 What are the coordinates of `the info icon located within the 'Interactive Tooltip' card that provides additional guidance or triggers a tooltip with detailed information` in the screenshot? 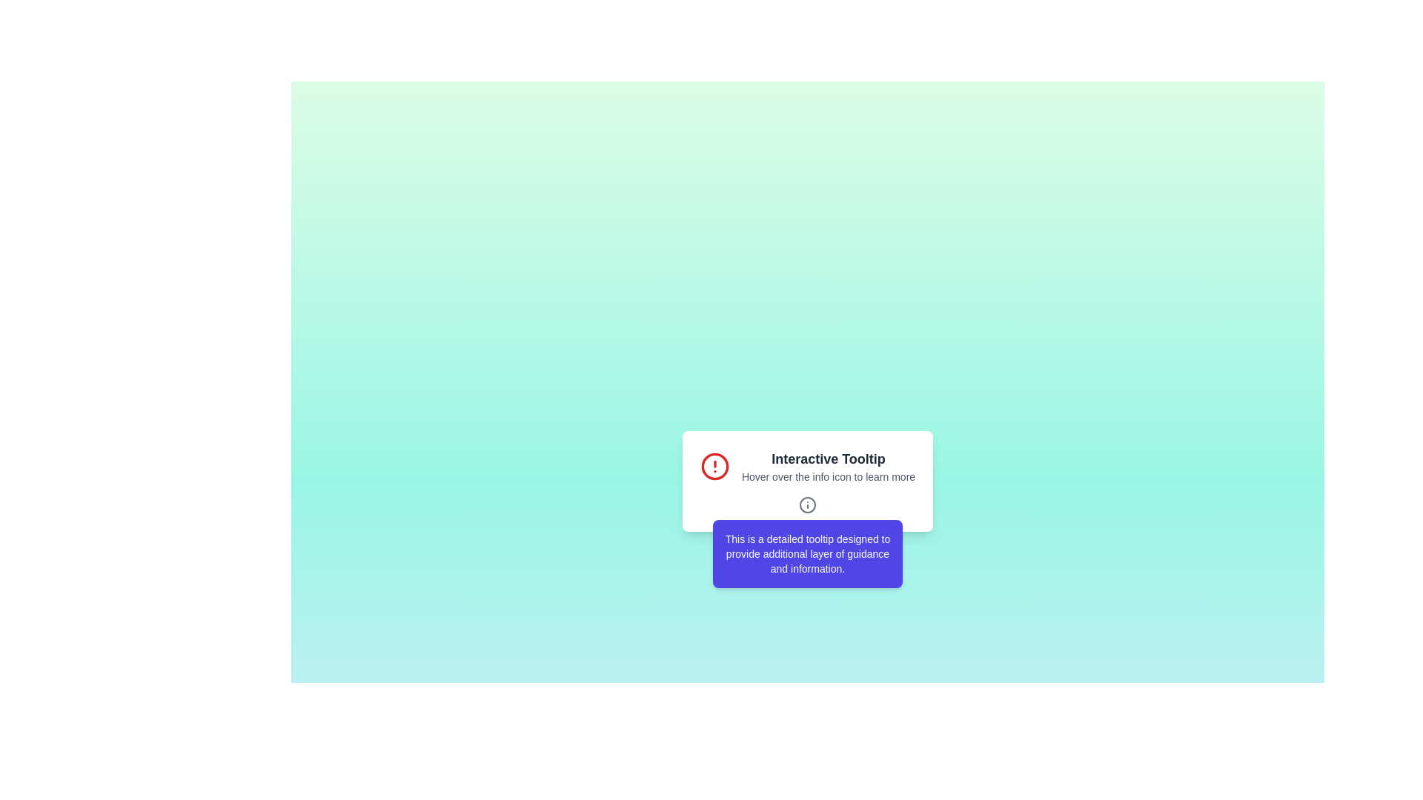 It's located at (806, 504).